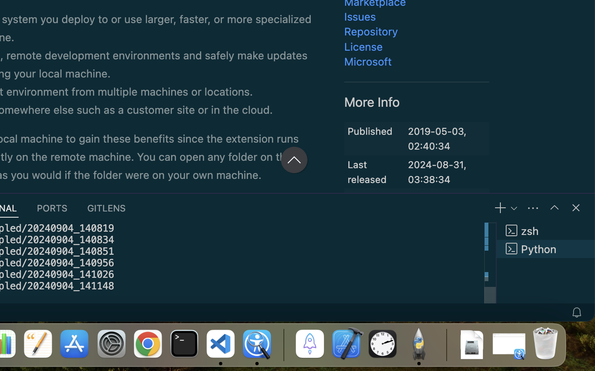 The width and height of the screenshot is (595, 371). I want to click on '2024-08-31, 03:38:34', so click(437, 171).